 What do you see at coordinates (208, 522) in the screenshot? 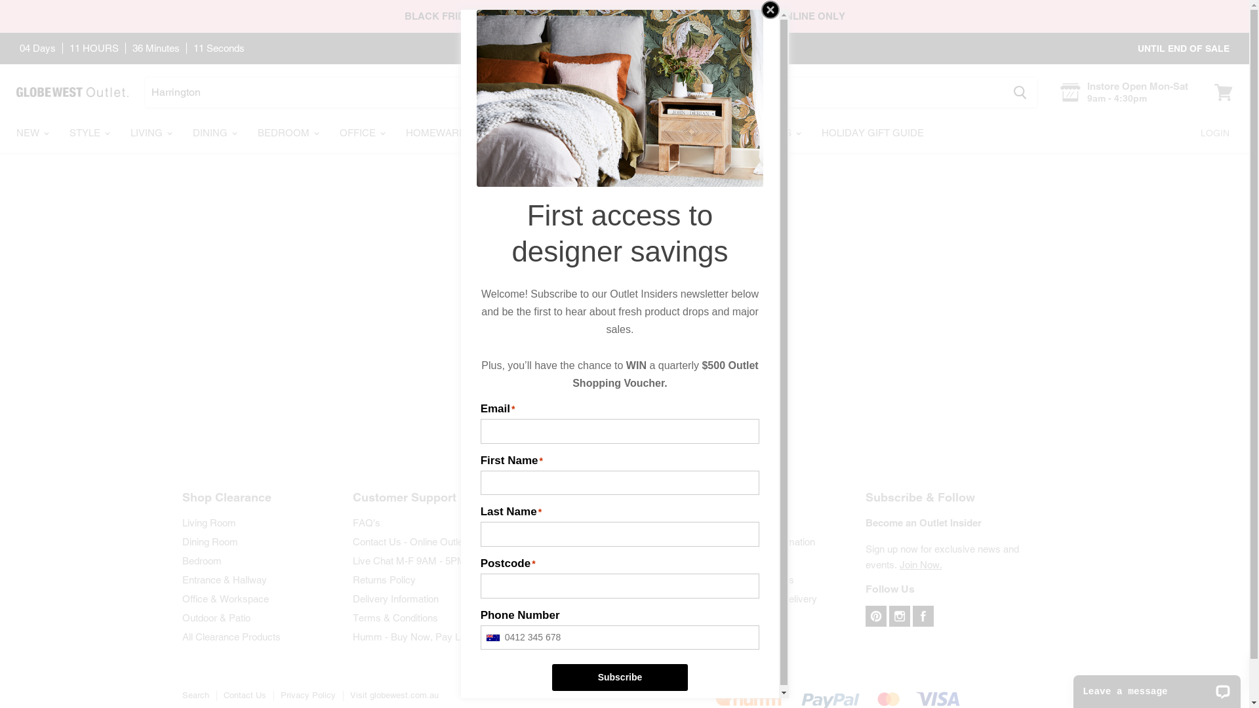
I see `'Living Room'` at bounding box center [208, 522].